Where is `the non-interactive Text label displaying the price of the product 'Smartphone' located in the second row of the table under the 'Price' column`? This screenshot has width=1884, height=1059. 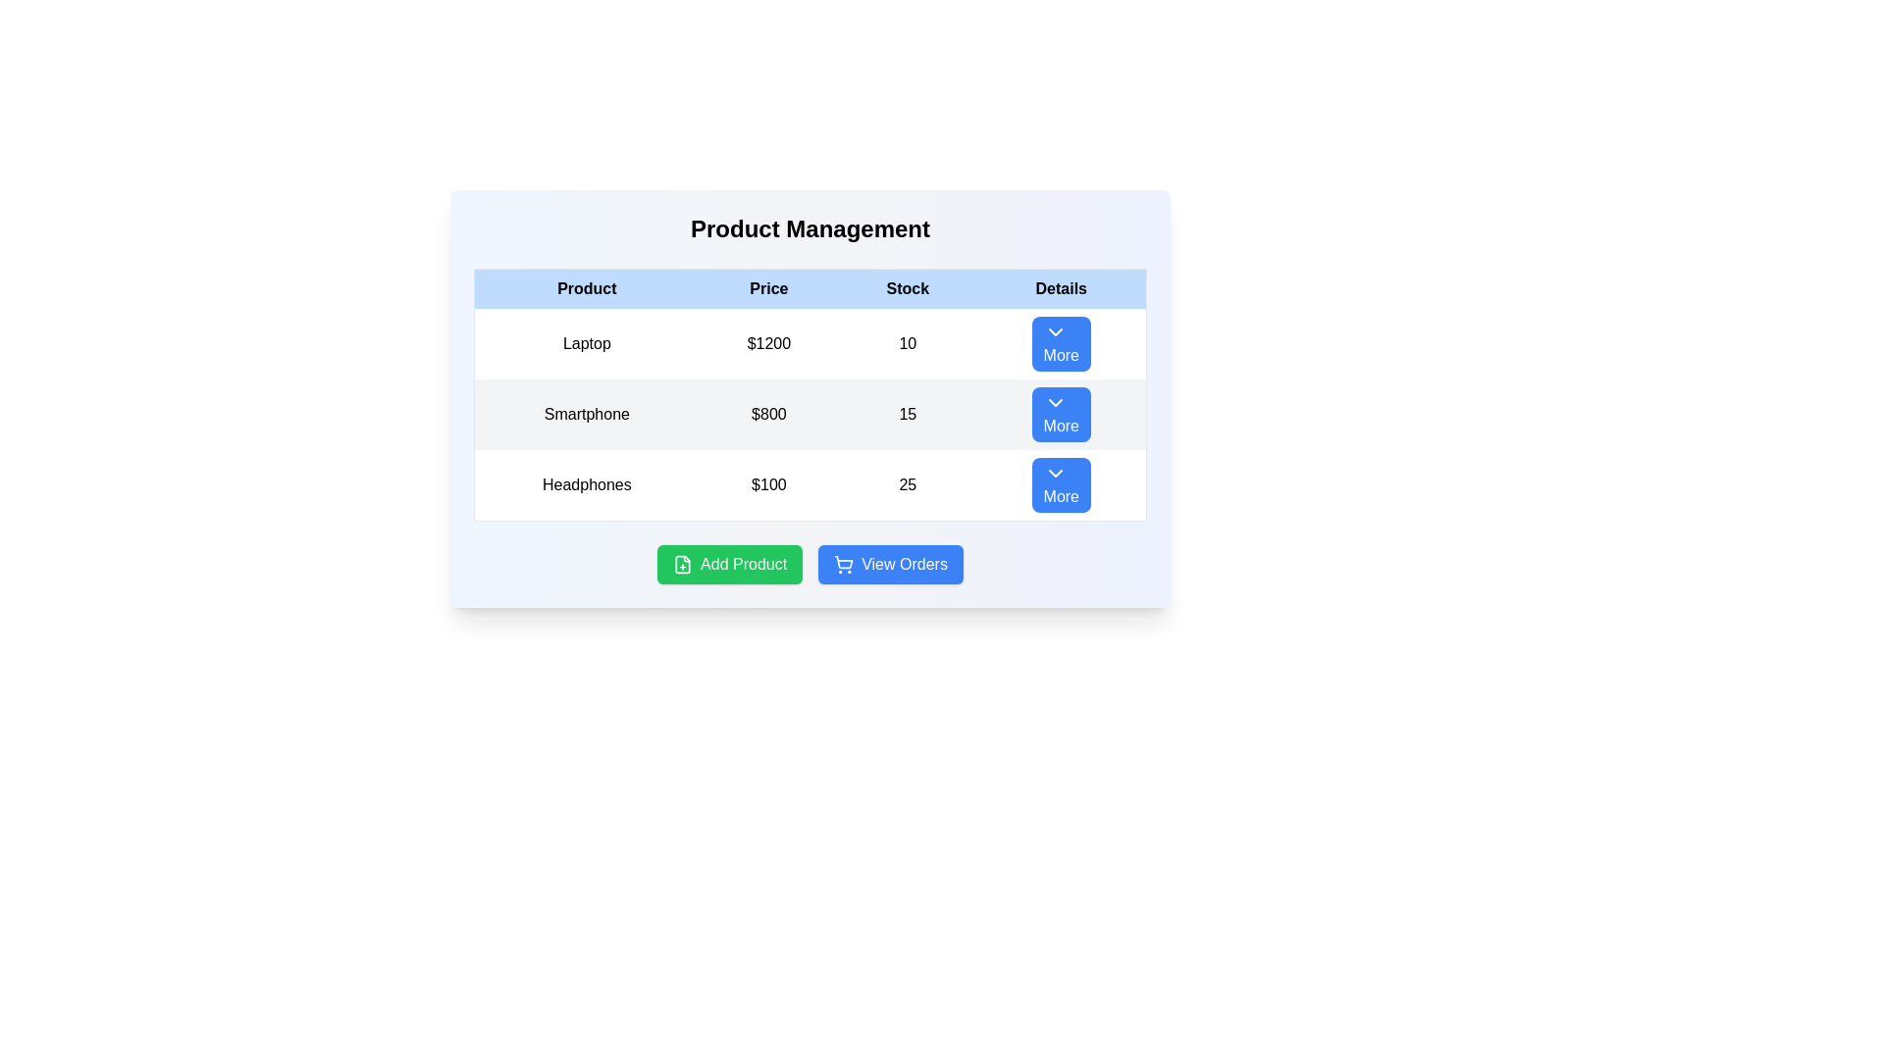 the non-interactive Text label displaying the price of the product 'Smartphone' located in the second row of the table under the 'Price' column is located at coordinates (767, 414).